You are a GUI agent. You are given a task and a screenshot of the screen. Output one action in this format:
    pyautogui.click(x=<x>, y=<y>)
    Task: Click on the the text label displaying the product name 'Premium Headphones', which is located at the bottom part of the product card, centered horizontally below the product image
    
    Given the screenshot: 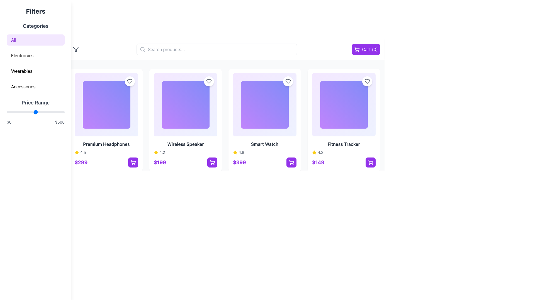 What is the action you would take?
    pyautogui.click(x=106, y=144)
    